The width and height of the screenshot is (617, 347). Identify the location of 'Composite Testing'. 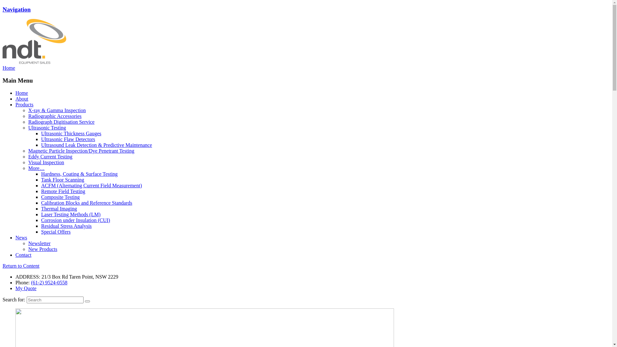
(60, 197).